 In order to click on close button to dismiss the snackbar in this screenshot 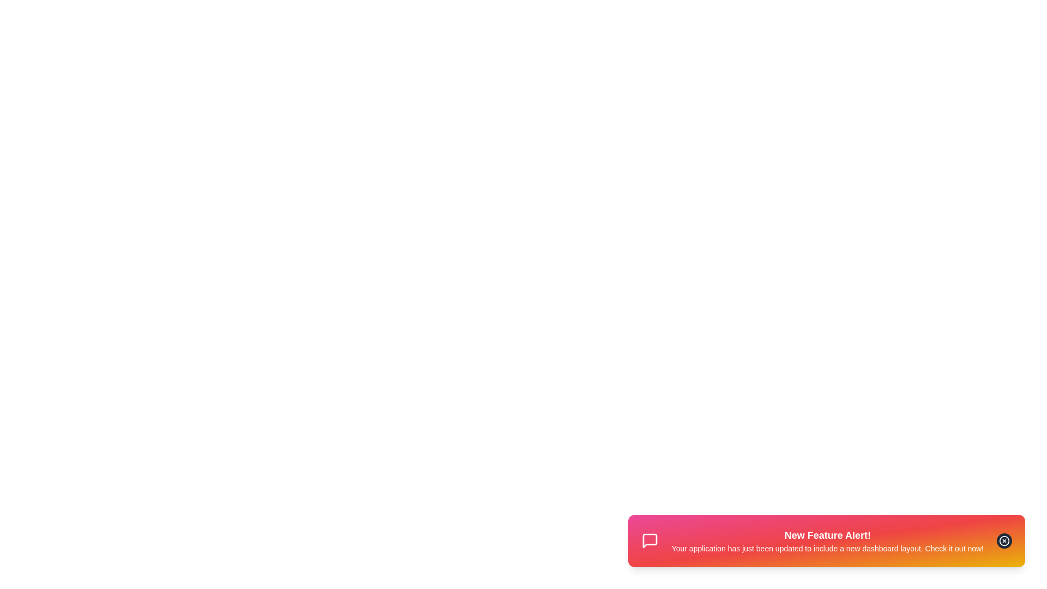, I will do `click(1004, 540)`.